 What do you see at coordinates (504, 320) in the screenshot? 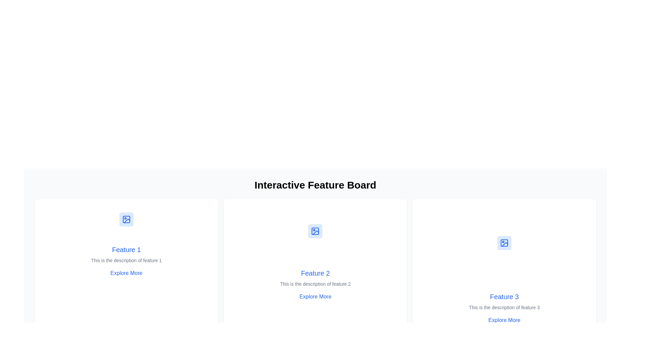
I see `the 'Explore More' link styled in blue text located below the description of feature 3` at bounding box center [504, 320].